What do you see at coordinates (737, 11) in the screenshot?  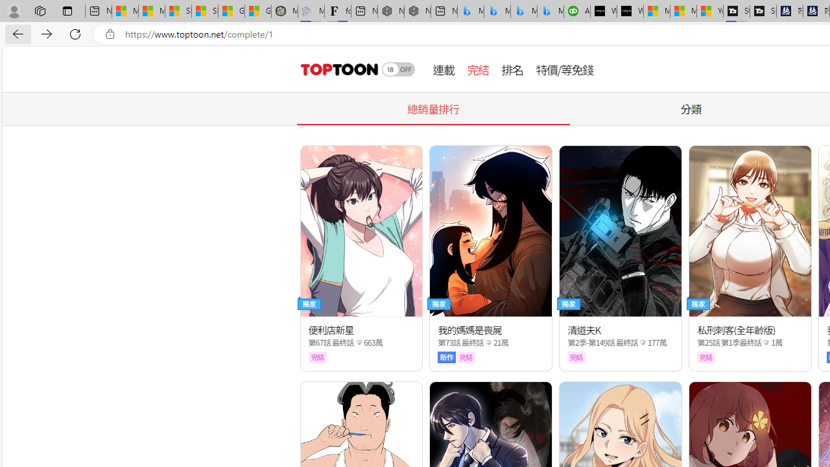 I see `'Streaming Coverage | T3'` at bounding box center [737, 11].